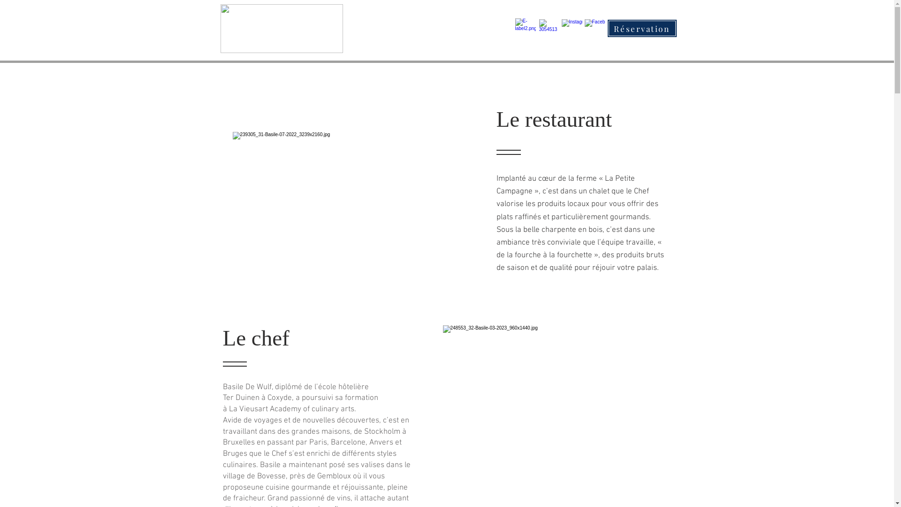 The image size is (901, 507). What do you see at coordinates (548, 28) in the screenshot?
I see `'9c138c_71fc72f62da845549821a96096d53584~mv2.jpg'` at bounding box center [548, 28].